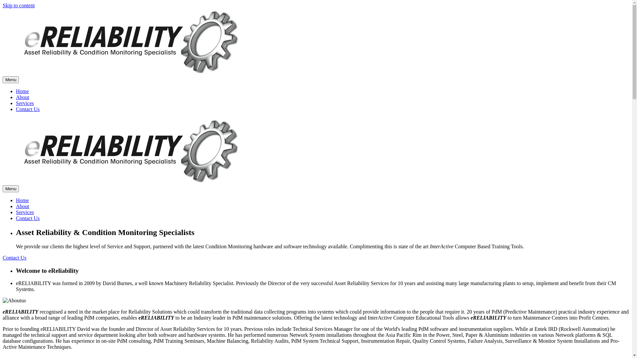 The height and width of the screenshot is (358, 637). I want to click on 'Contact Us', so click(14, 257).